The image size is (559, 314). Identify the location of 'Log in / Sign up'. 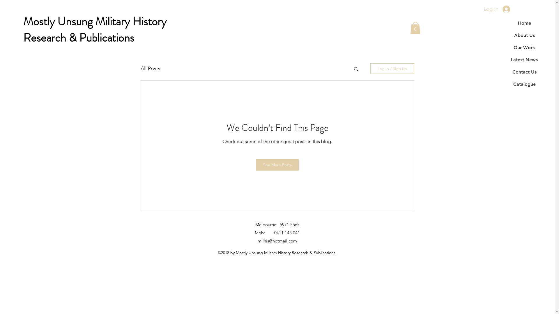
(392, 68).